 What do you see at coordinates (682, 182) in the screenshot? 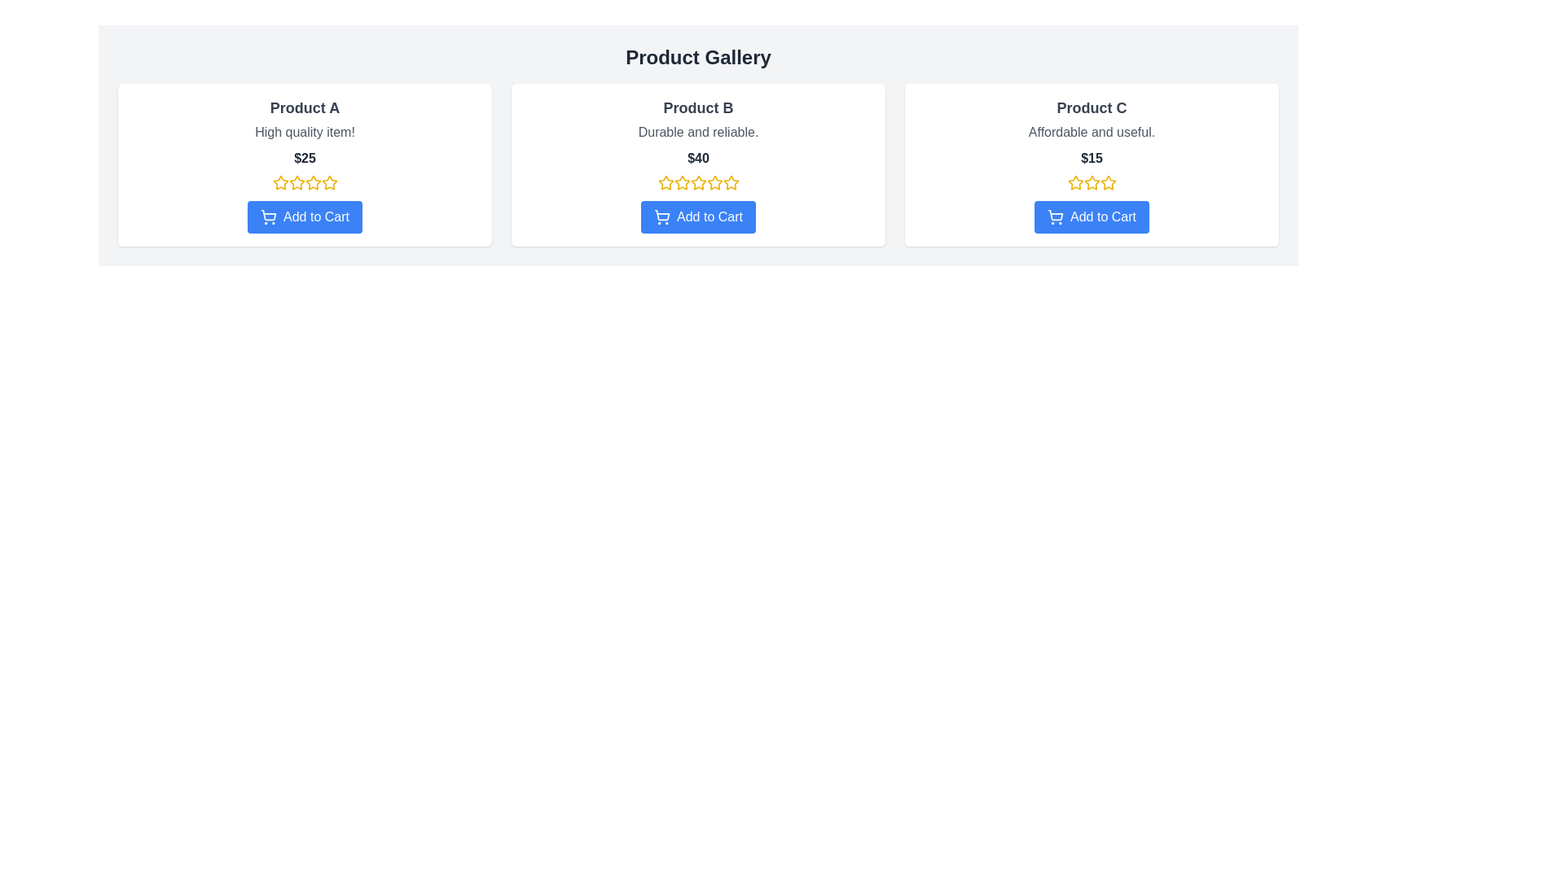
I see `the third star icon in the rating interface for 'Product B' to provide feedback` at bounding box center [682, 182].